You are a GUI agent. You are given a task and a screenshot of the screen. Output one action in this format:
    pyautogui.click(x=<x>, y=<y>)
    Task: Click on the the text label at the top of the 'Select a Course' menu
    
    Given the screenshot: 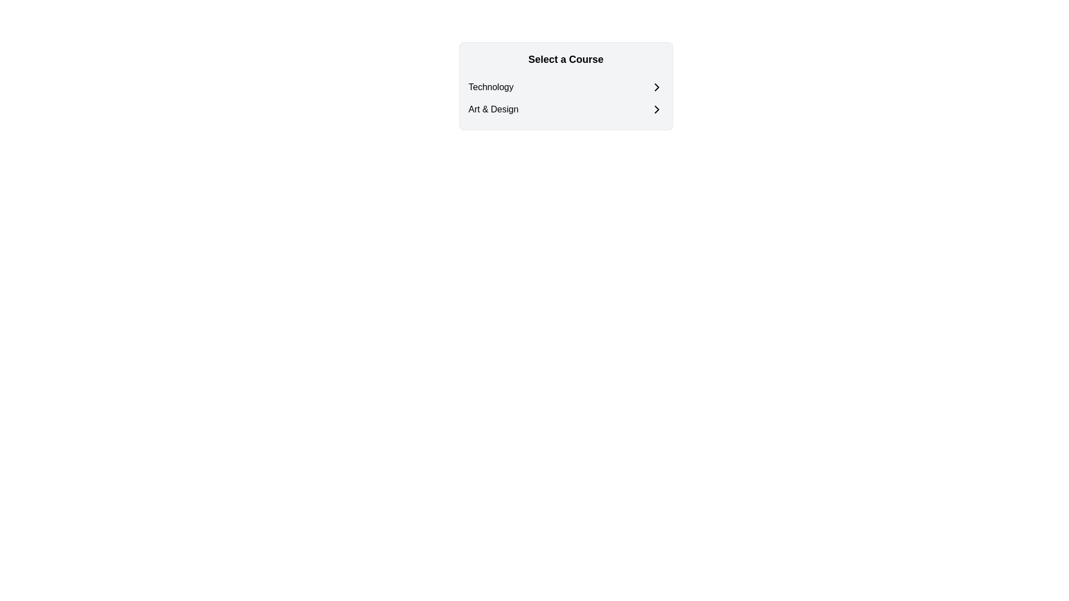 What is the action you would take?
    pyautogui.click(x=491, y=87)
    